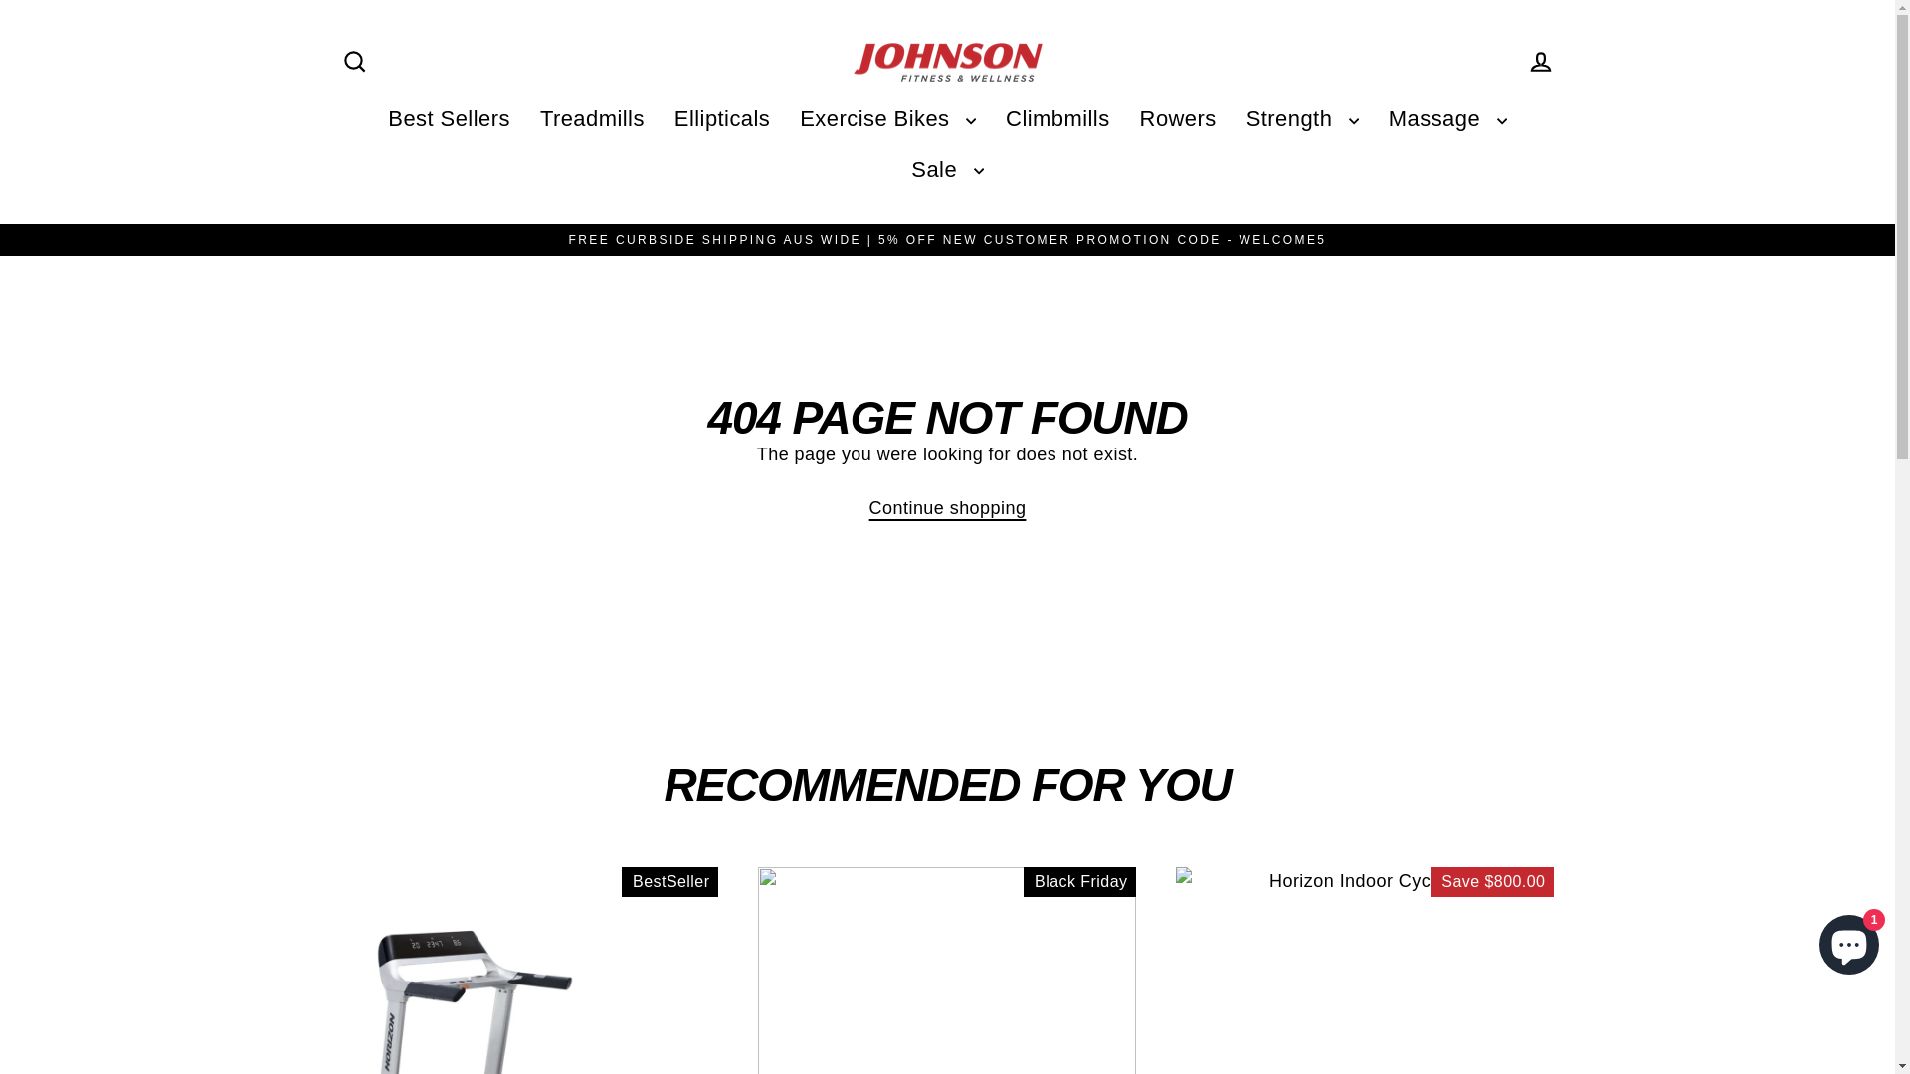 This screenshot has width=1910, height=1074. I want to click on 'Log in', so click(1539, 61).